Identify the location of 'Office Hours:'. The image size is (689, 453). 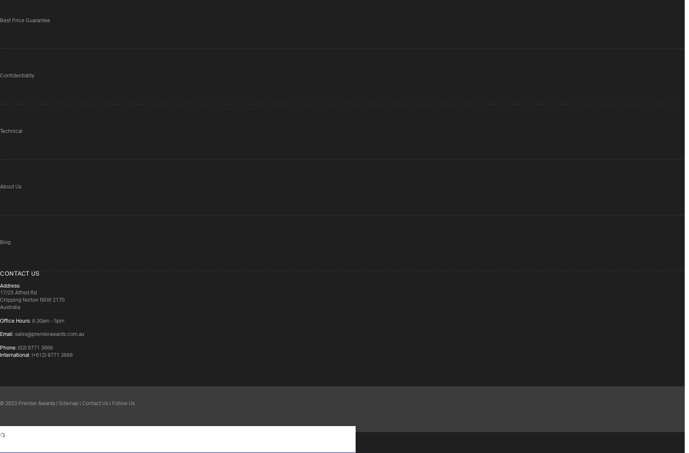
(15, 320).